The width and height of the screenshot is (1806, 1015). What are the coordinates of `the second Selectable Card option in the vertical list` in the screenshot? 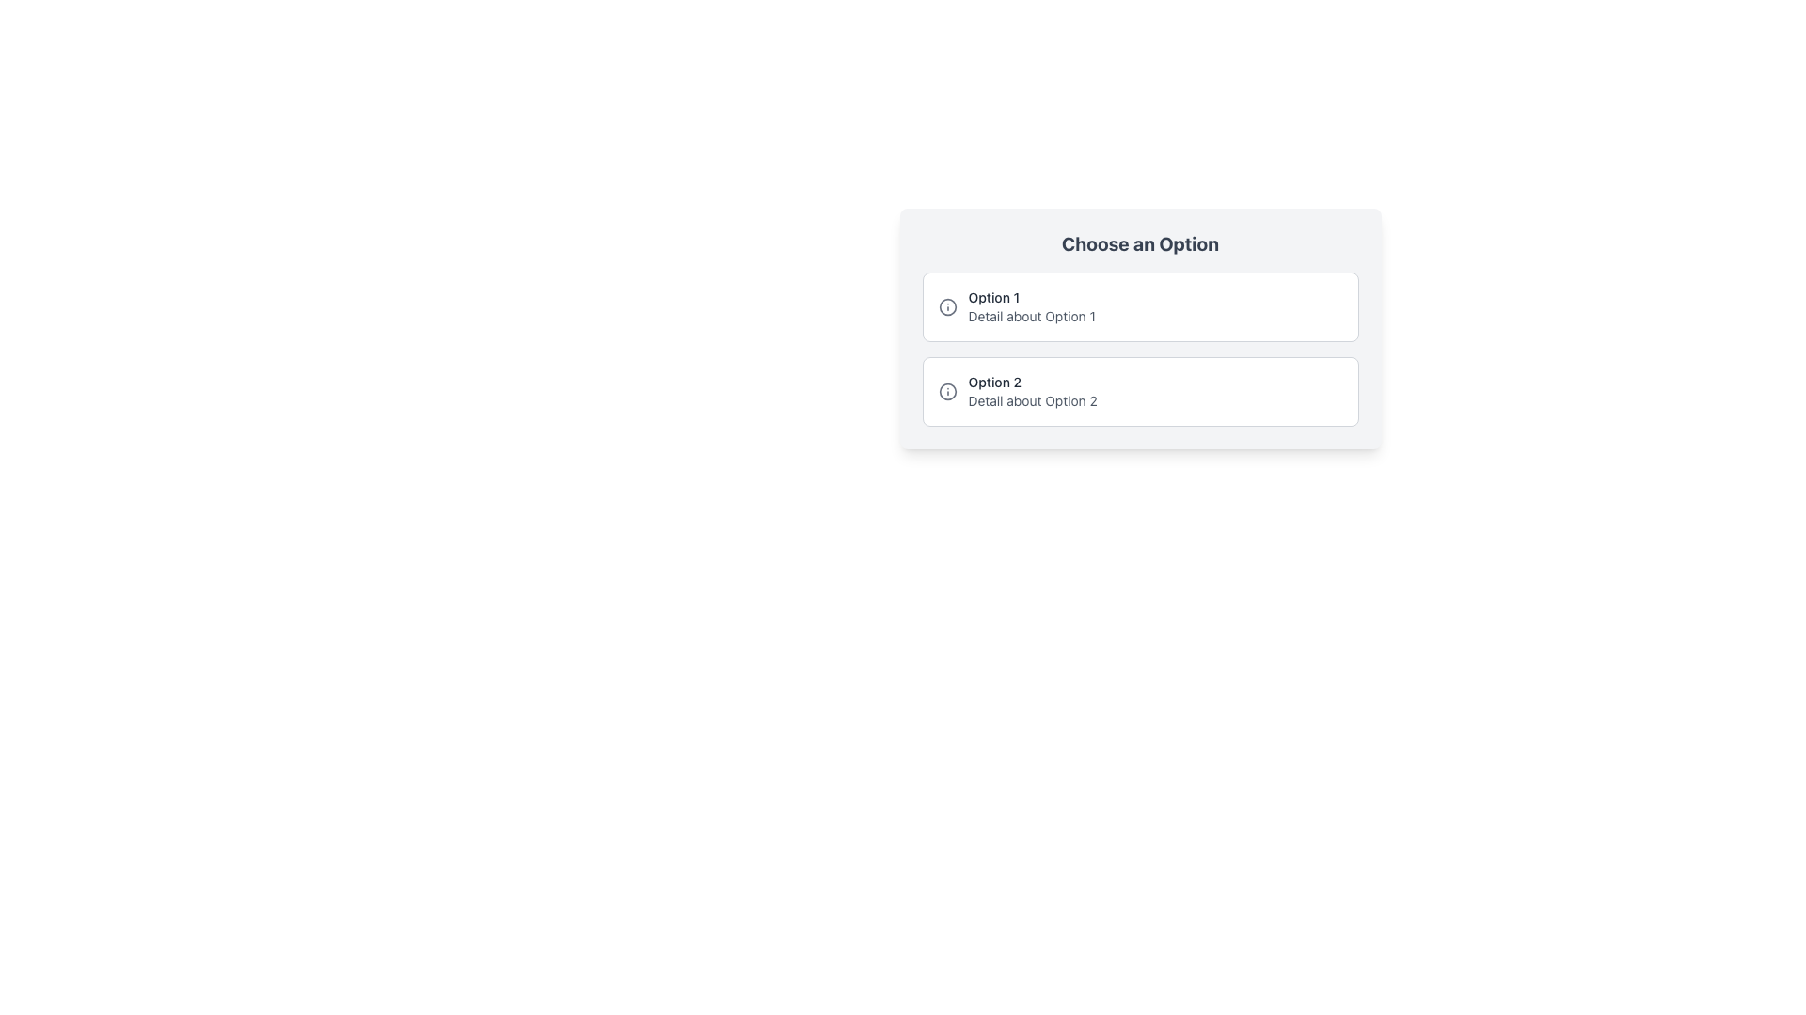 It's located at (1139, 390).